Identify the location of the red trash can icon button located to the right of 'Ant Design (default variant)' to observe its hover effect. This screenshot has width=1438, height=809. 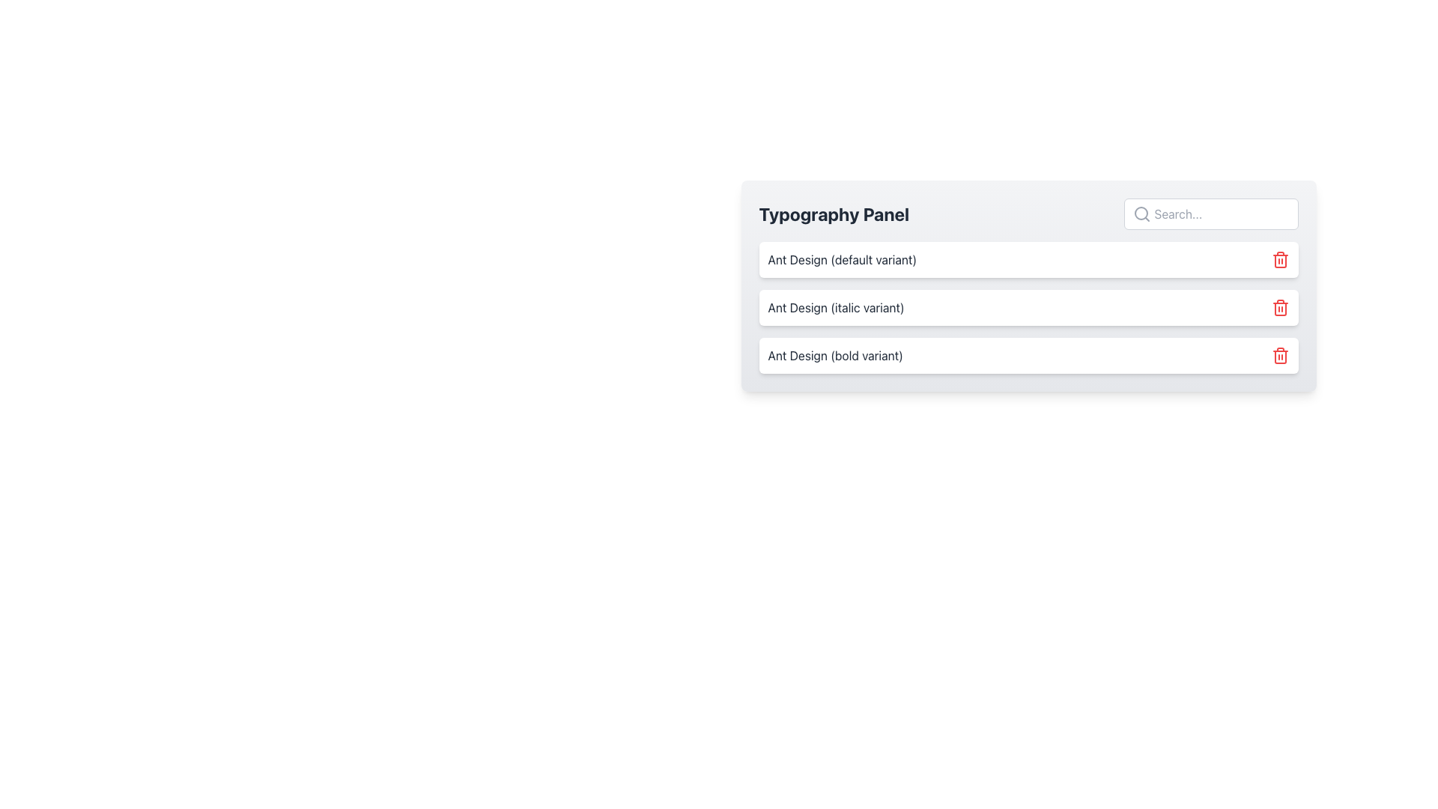
(1279, 259).